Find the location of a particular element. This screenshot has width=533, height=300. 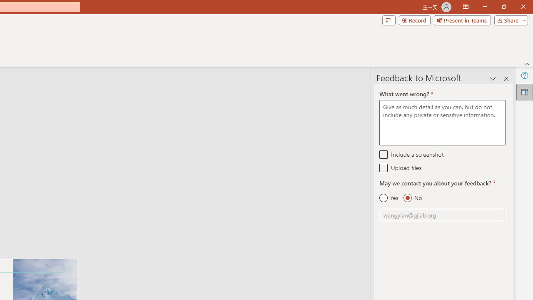

'Ribbon Display Options' is located at coordinates (465, 7).